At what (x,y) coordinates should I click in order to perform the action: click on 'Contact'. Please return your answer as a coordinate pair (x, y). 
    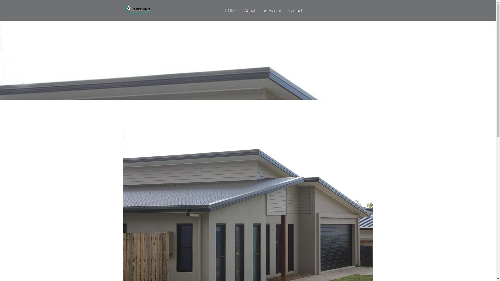
    Looking at the image, I should click on (295, 14).